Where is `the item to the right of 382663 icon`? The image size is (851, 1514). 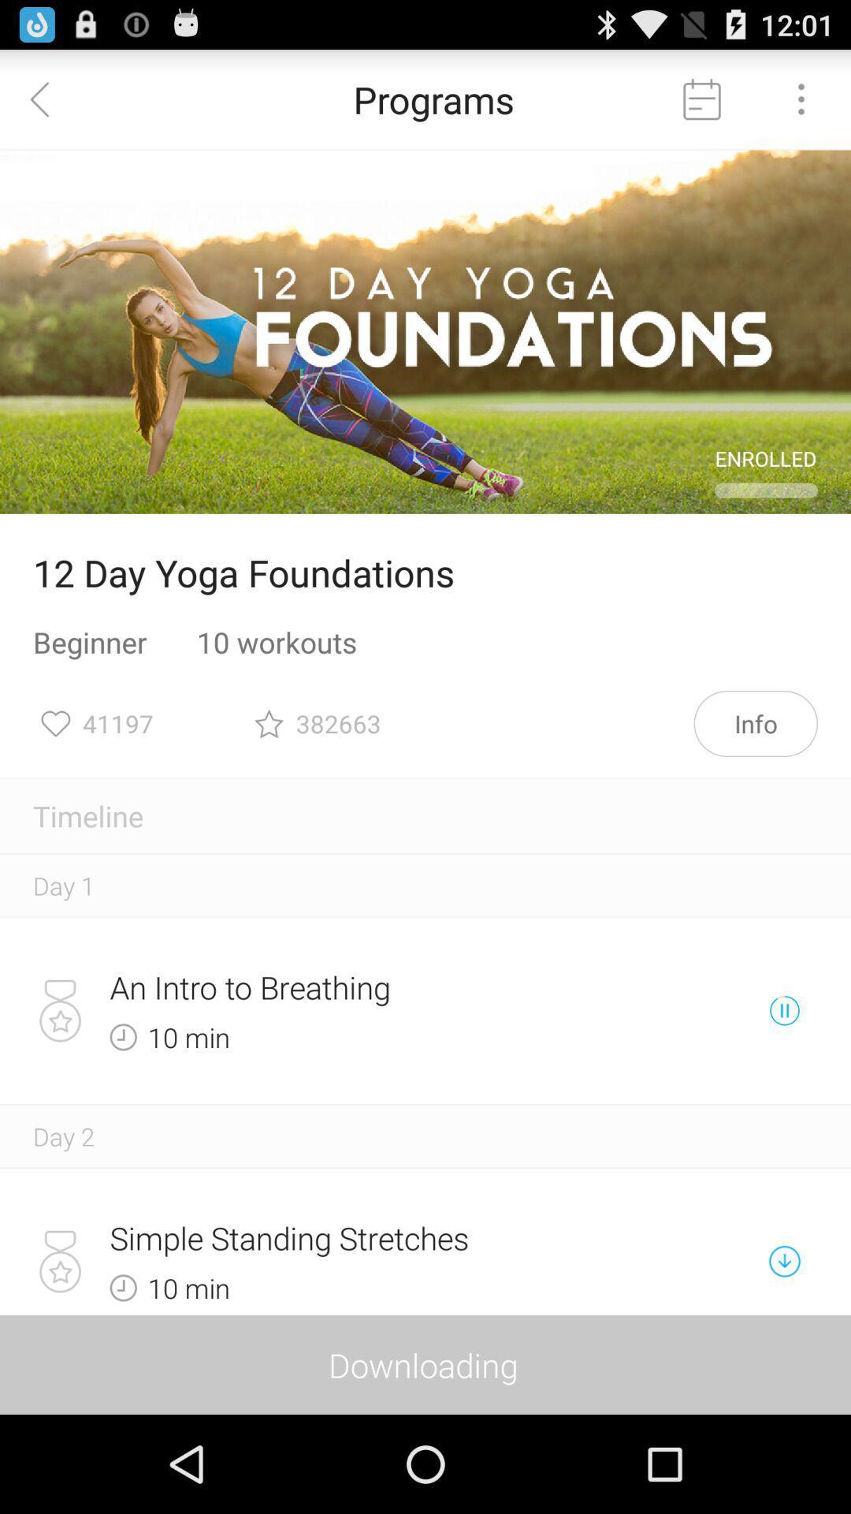 the item to the right of 382663 icon is located at coordinates (755, 722).